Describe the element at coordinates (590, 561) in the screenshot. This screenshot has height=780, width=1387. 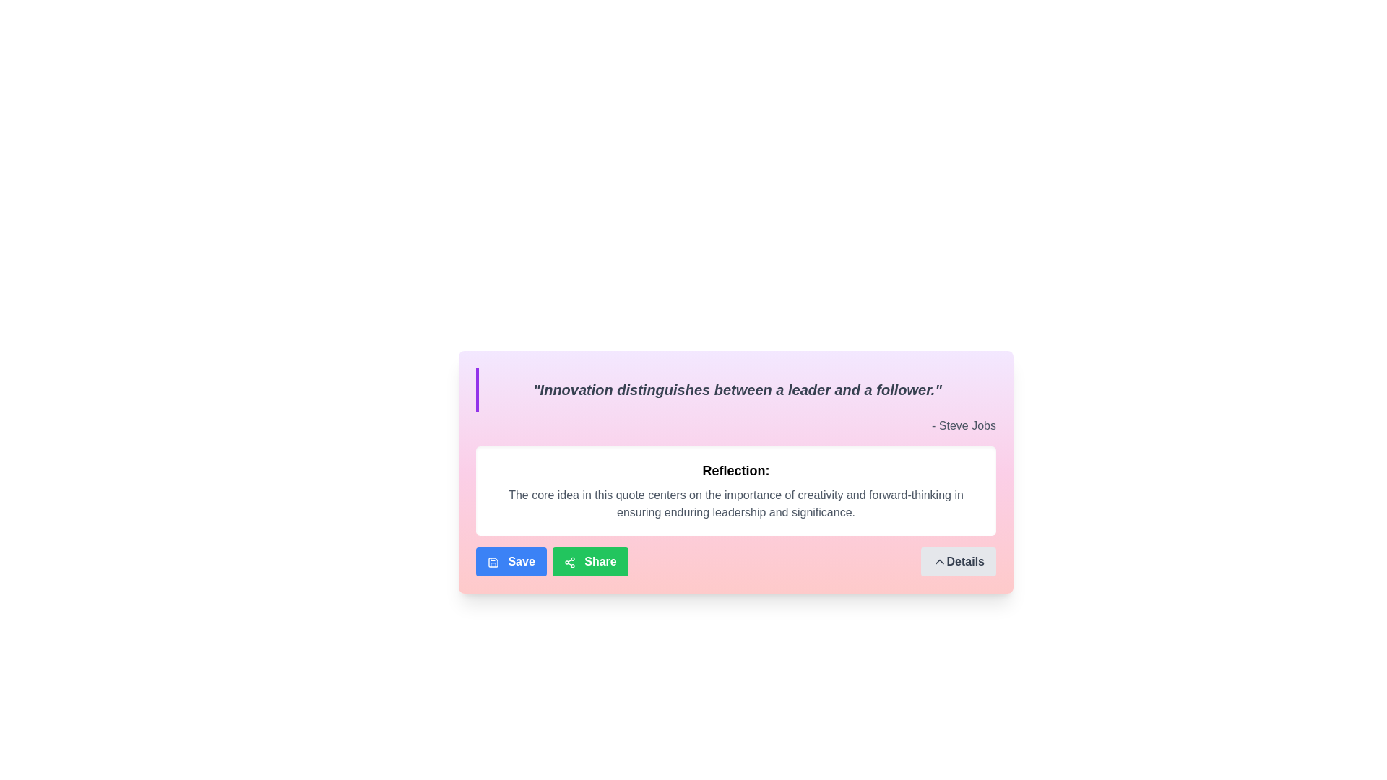
I see `the share button located in the bottom-right section of a card-like structure, adjacent to the blue 'Save' button, to observe the hover effects` at that location.